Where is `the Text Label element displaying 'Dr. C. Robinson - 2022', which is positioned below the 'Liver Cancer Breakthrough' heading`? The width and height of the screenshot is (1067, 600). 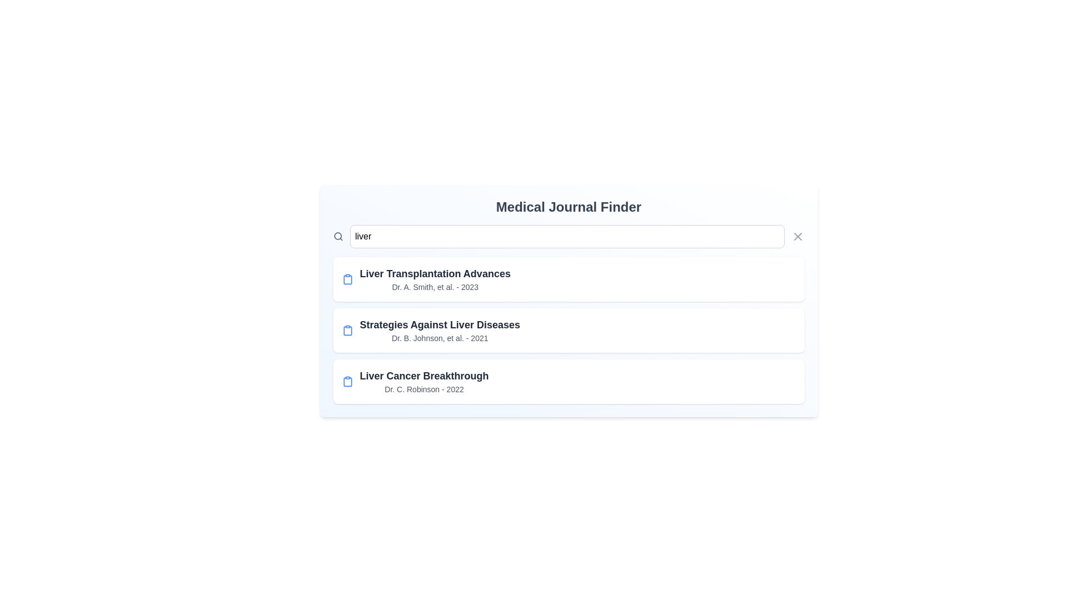
the Text Label element displaying 'Dr. C. Robinson - 2022', which is positioned below the 'Liver Cancer Breakthrough' heading is located at coordinates (423, 389).